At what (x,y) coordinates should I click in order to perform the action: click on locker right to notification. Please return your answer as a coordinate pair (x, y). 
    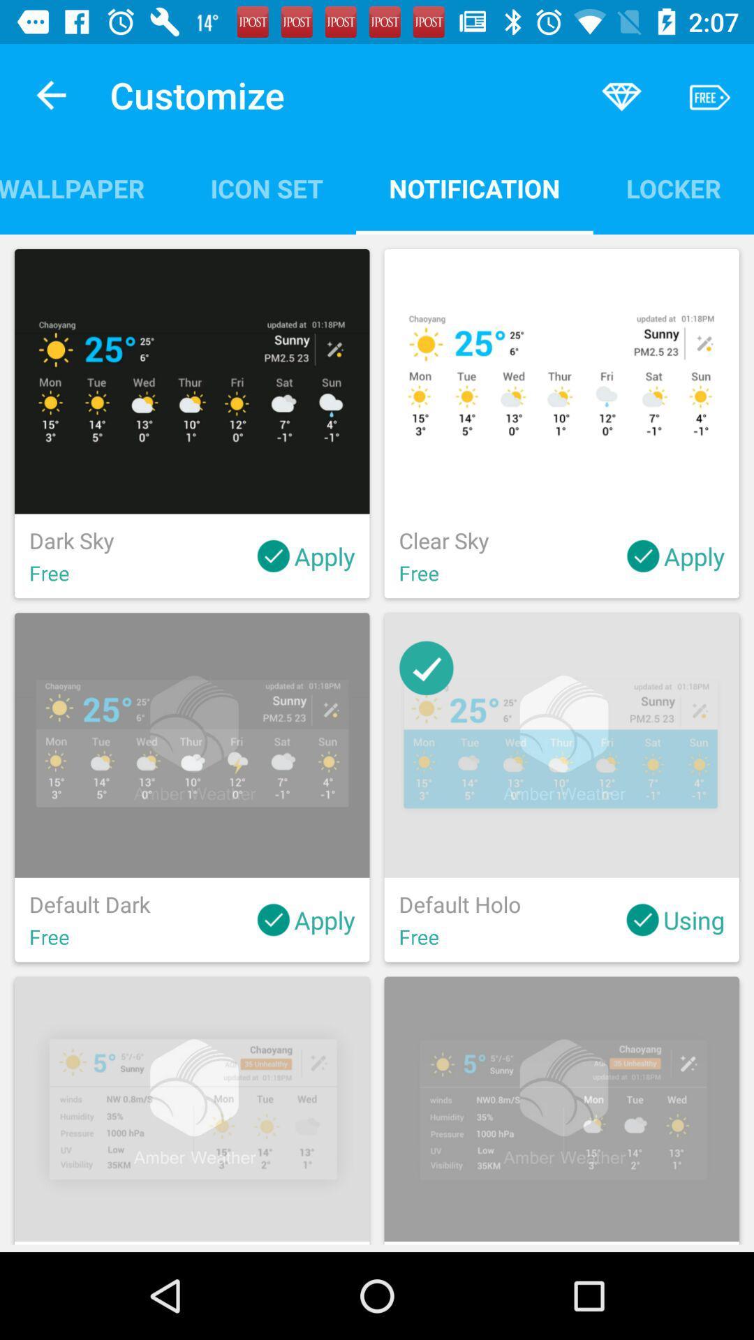
    Looking at the image, I should click on (672, 188).